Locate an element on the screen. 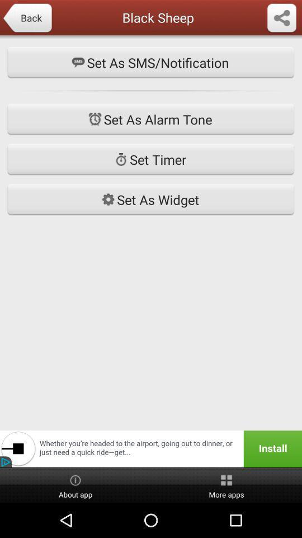  icon below the set as widget icon is located at coordinates (151, 449).